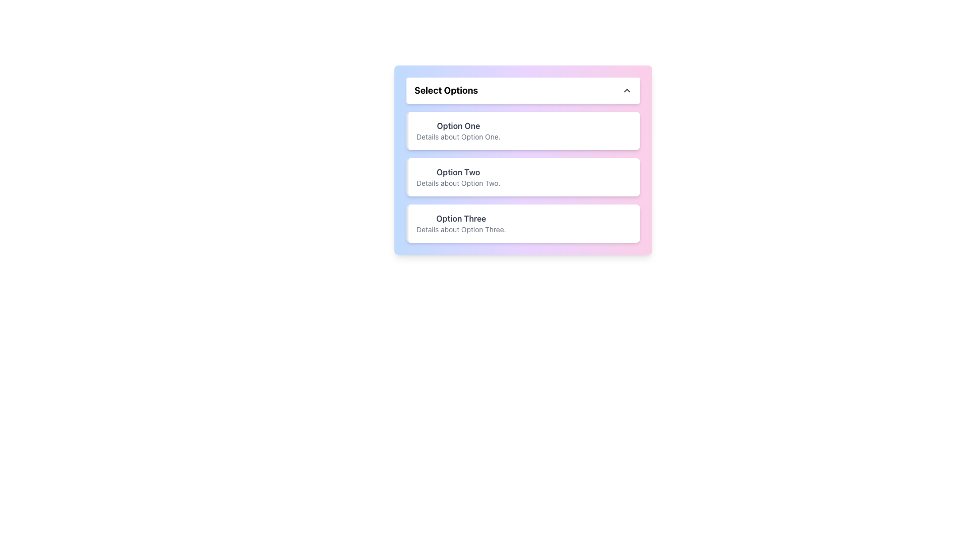  What do you see at coordinates (458, 172) in the screenshot?
I see `the text label for the second option in the list, which includes the bold 'Option Two' text and a smaller description below it` at bounding box center [458, 172].